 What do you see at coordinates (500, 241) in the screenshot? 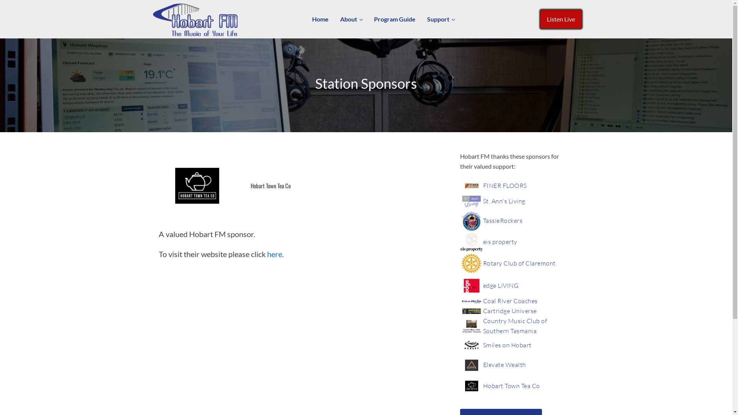
I see `'eis property'` at bounding box center [500, 241].